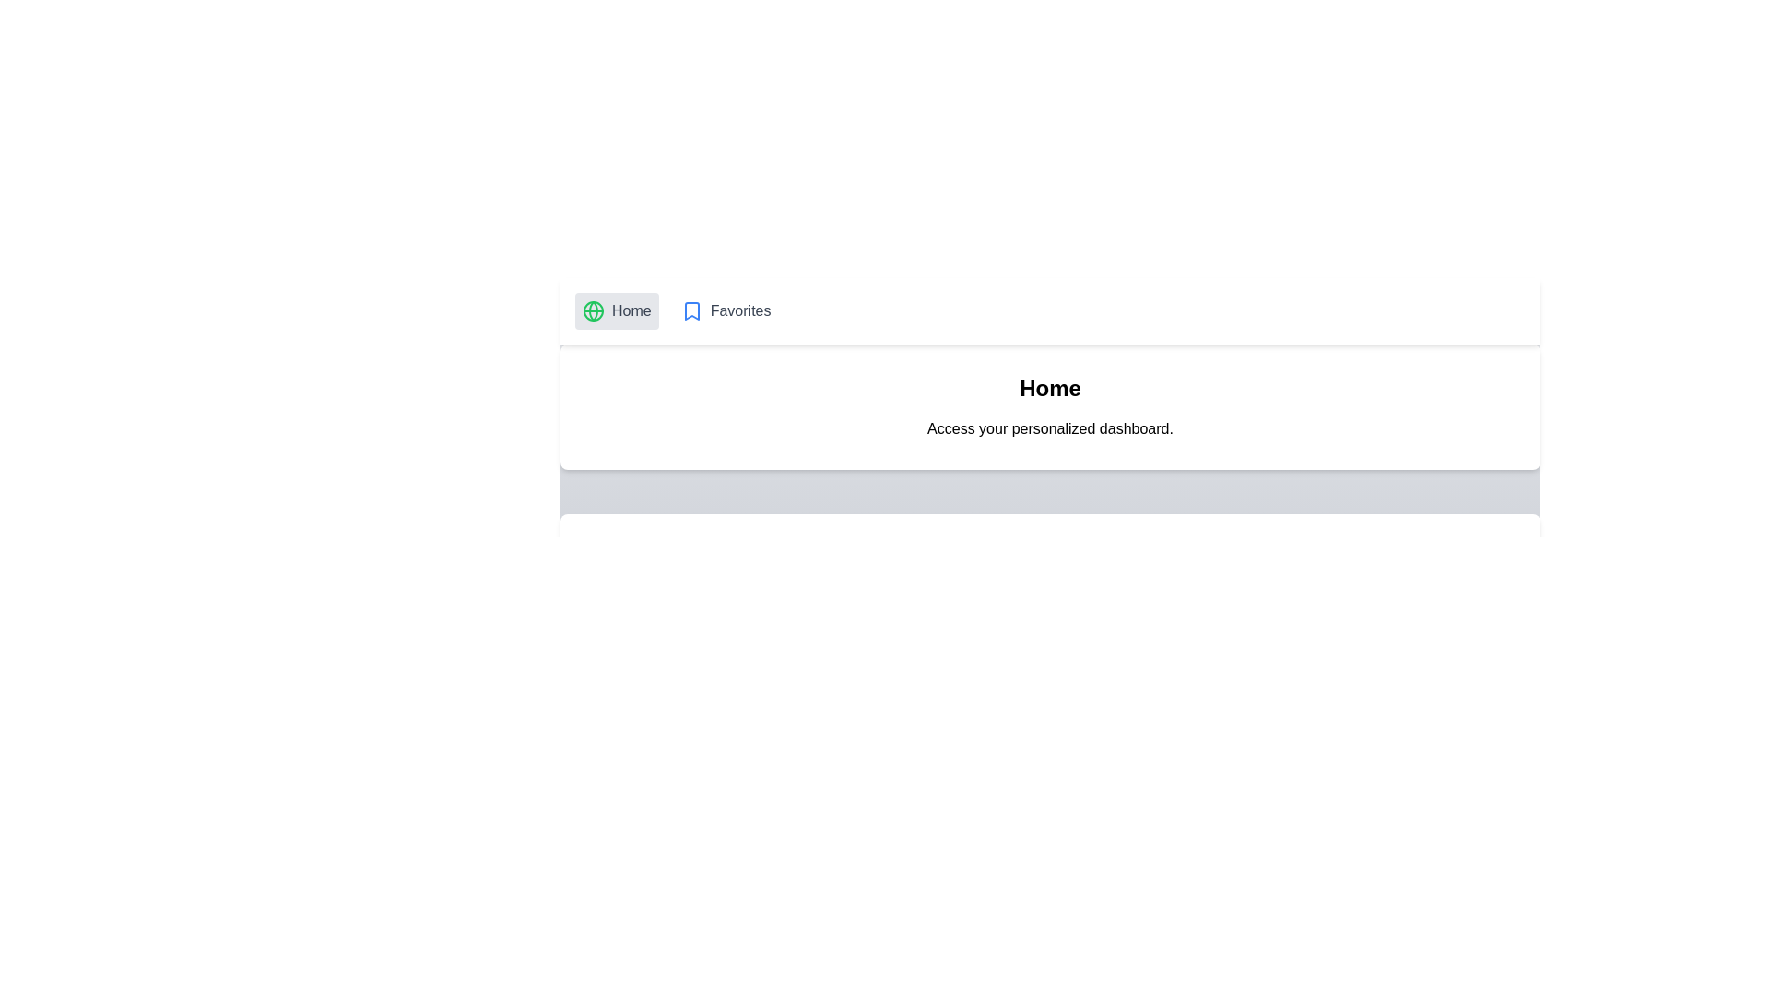  Describe the element at coordinates (725, 310) in the screenshot. I see `the second item in the horizontal navigation bar, which serves as a navigation item for accessing the 'Favorites' section` at that location.